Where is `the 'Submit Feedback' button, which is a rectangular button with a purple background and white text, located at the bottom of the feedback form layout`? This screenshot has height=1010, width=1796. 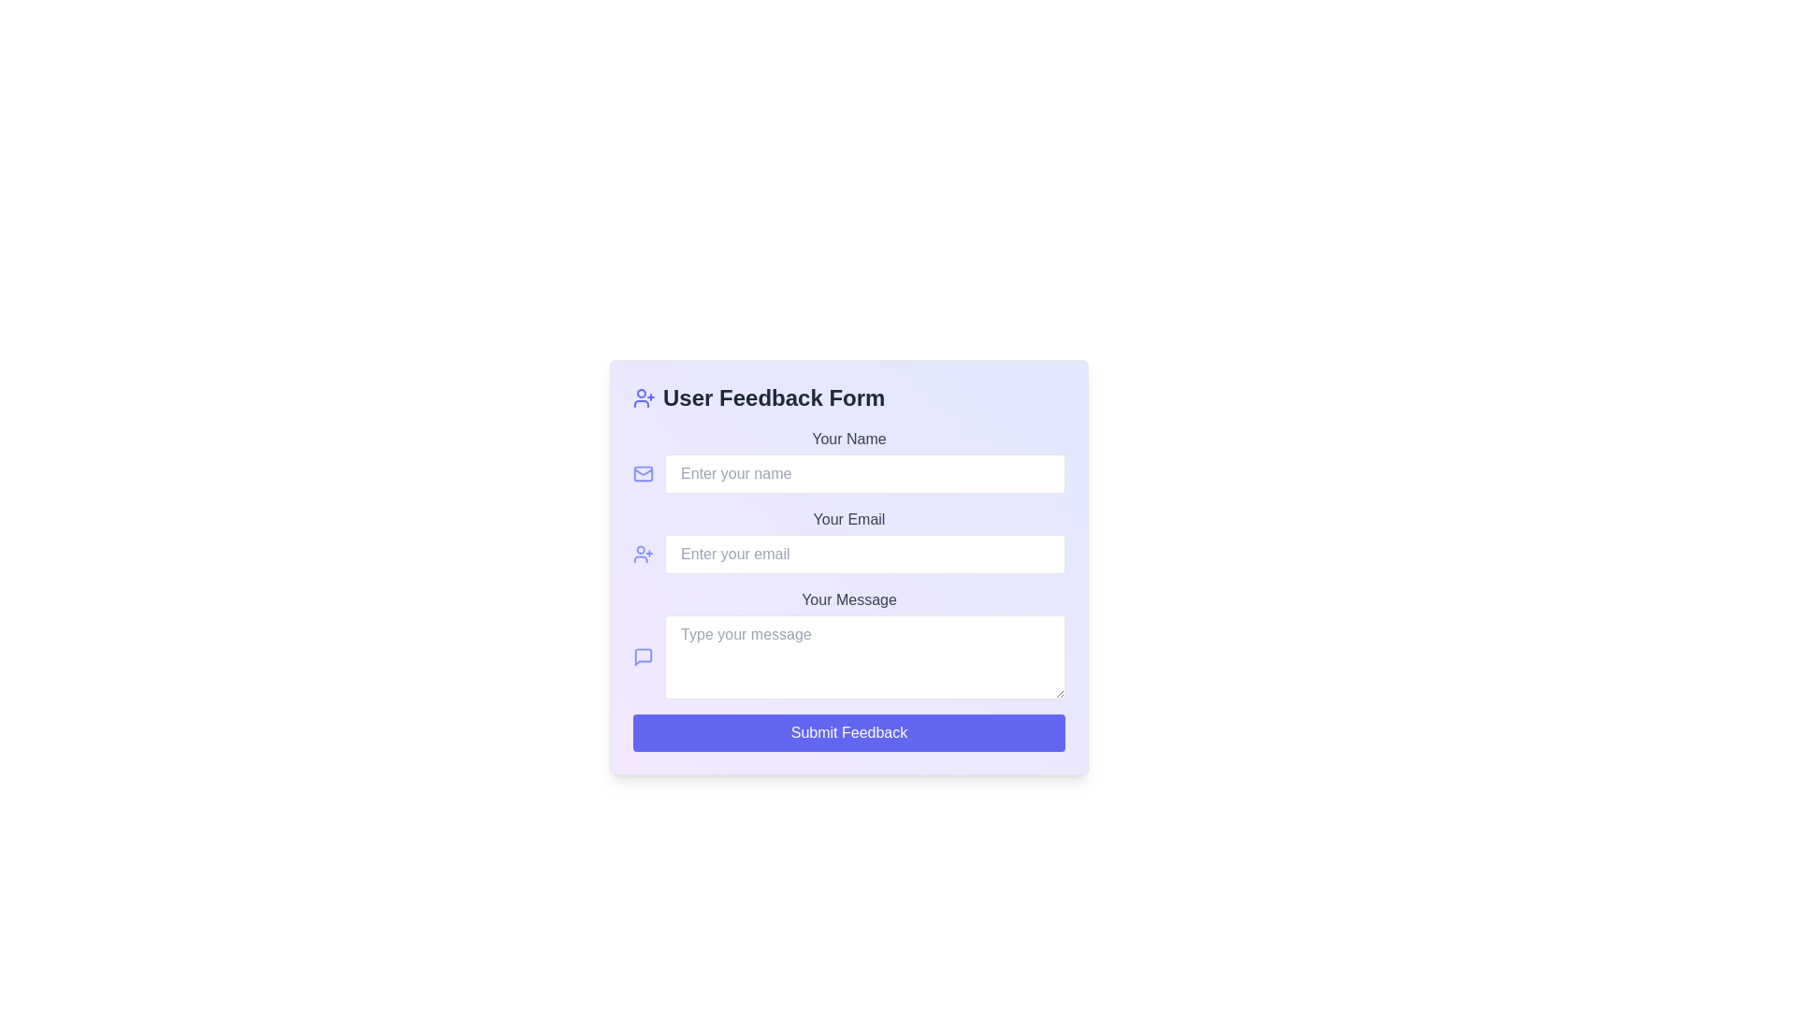
the 'Submit Feedback' button, which is a rectangular button with a purple background and white text, located at the bottom of the feedback form layout is located at coordinates (847, 731).